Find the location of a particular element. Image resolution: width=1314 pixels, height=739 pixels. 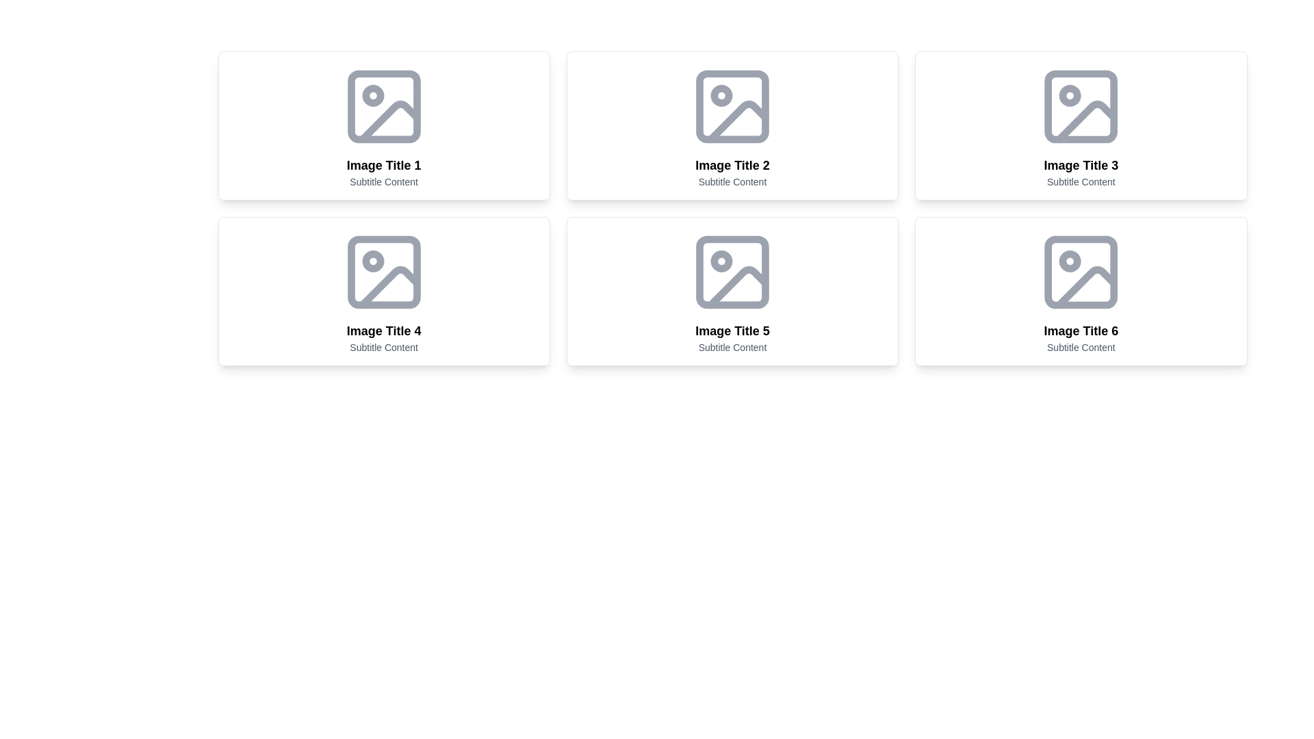

the small gray rectangular shape with rounded corners located within the 'Image Title 4' tile in the second row and first column of the grid is located at coordinates (383, 272).